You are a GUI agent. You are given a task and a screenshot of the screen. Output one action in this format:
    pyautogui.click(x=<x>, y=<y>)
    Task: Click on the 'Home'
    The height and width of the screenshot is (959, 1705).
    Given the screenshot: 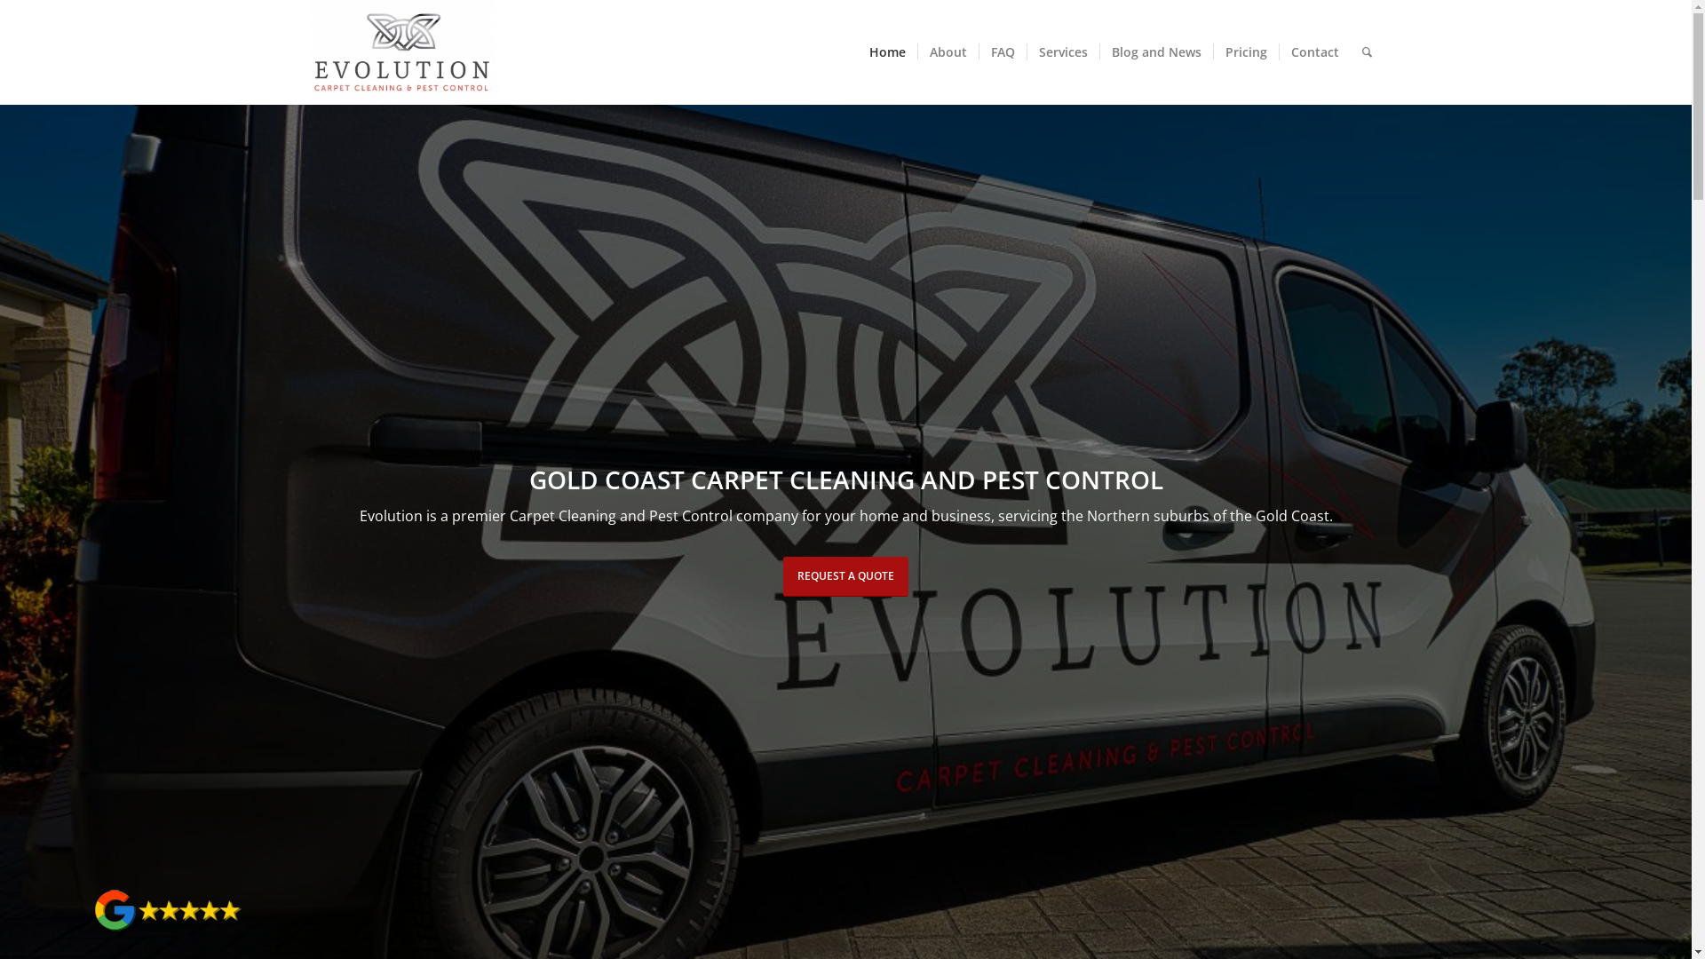 What is the action you would take?
    pyautogui.click(x=857, y=51)
    